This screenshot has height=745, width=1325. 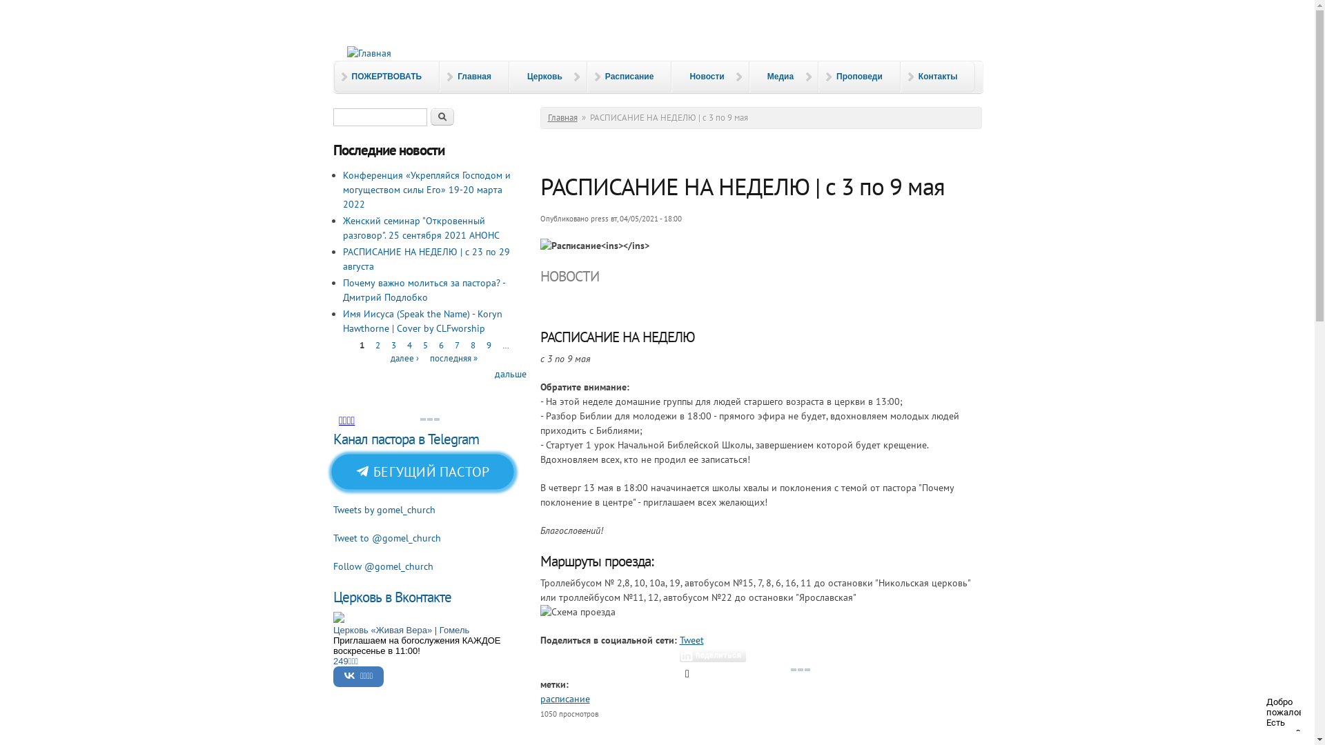 I want to click on 'Follow @gomel_church', so click(x=382, y=566).